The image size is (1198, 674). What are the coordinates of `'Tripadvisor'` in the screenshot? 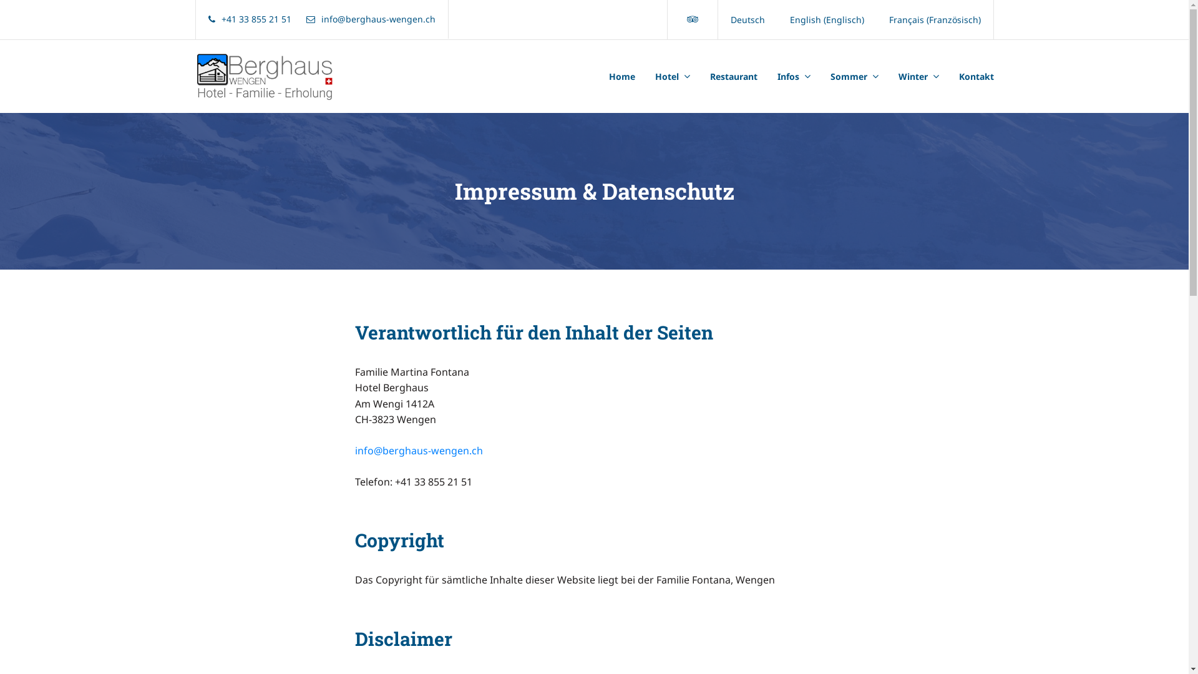 It's located at (691, 19).